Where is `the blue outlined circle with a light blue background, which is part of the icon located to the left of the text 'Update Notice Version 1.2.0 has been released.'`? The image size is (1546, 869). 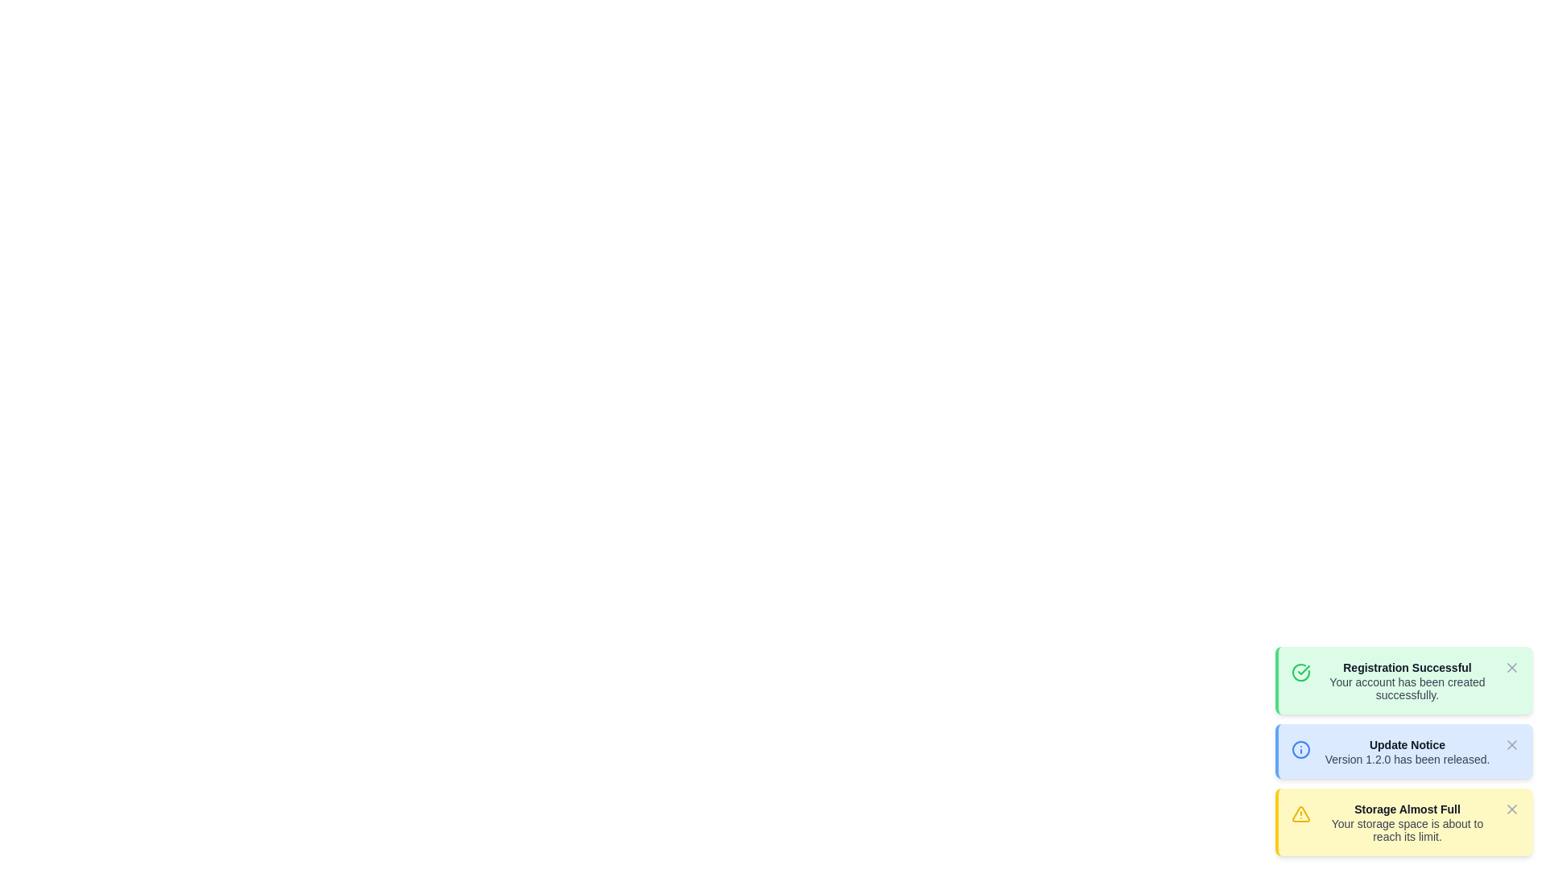
the blue outlined circle with a light blue background, which is part of the icon located to the left of the text 'Update Notice Version 1.2.0 has been released.' is located at coordinates (1301, 750).